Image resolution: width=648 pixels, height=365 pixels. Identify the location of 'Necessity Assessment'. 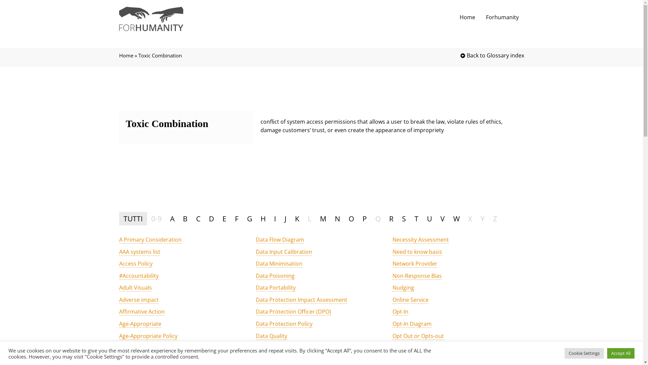
(392, 239).